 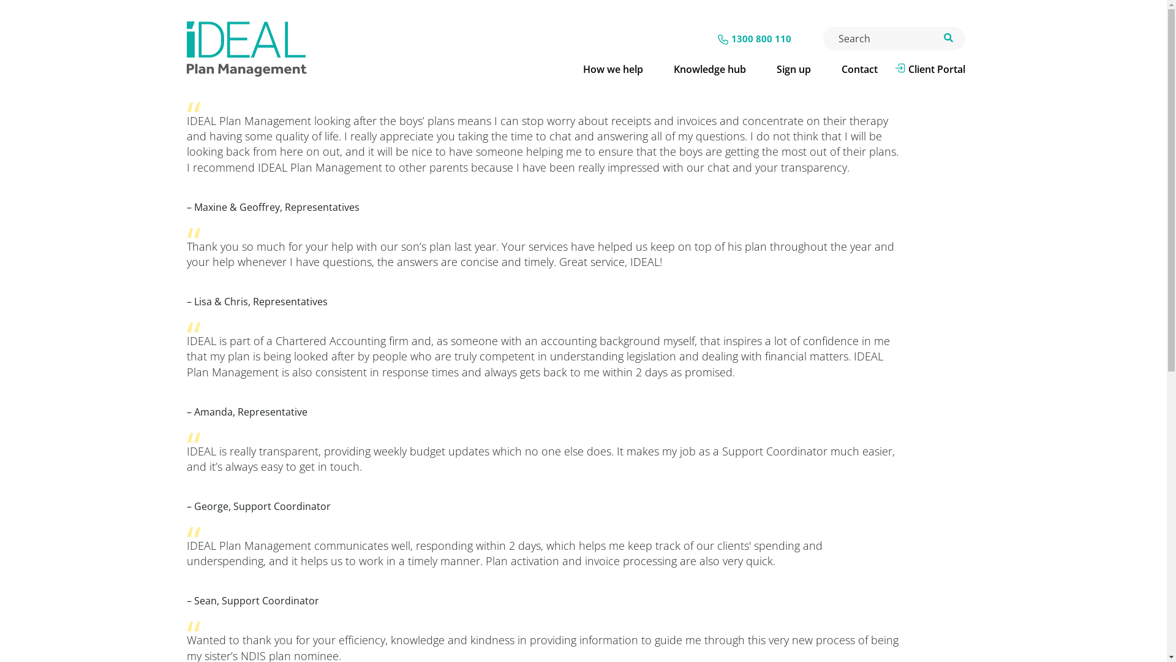 I want to click on 'Knowledge hub', so click(x=709, y=69).